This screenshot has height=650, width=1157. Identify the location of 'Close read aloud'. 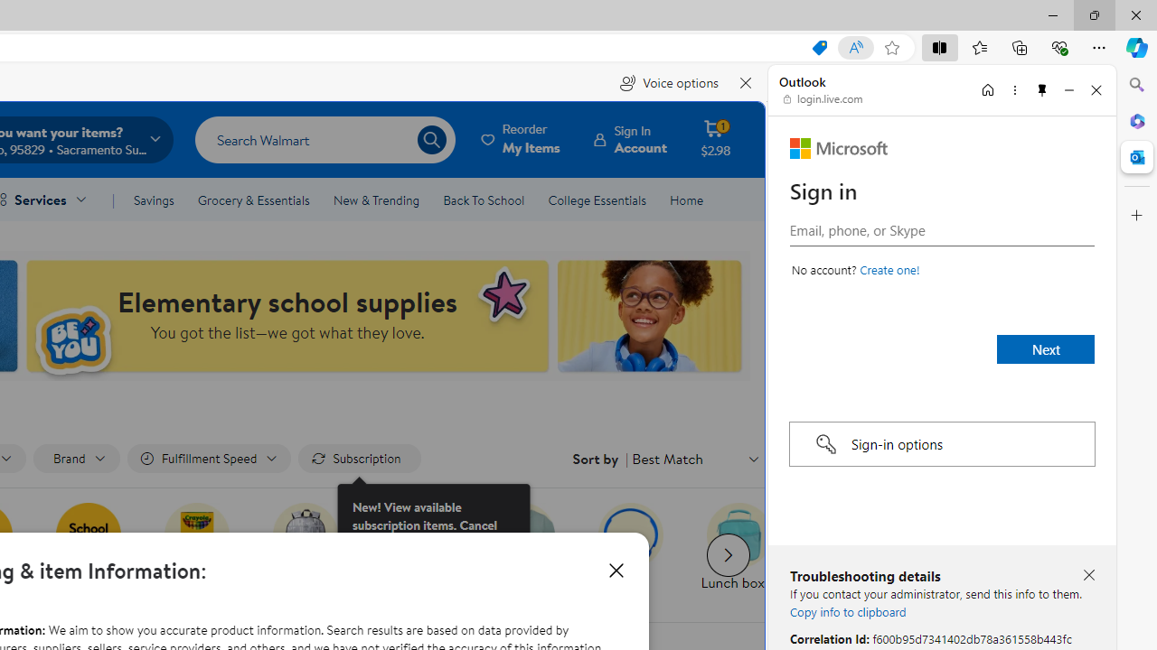
(746, 83).